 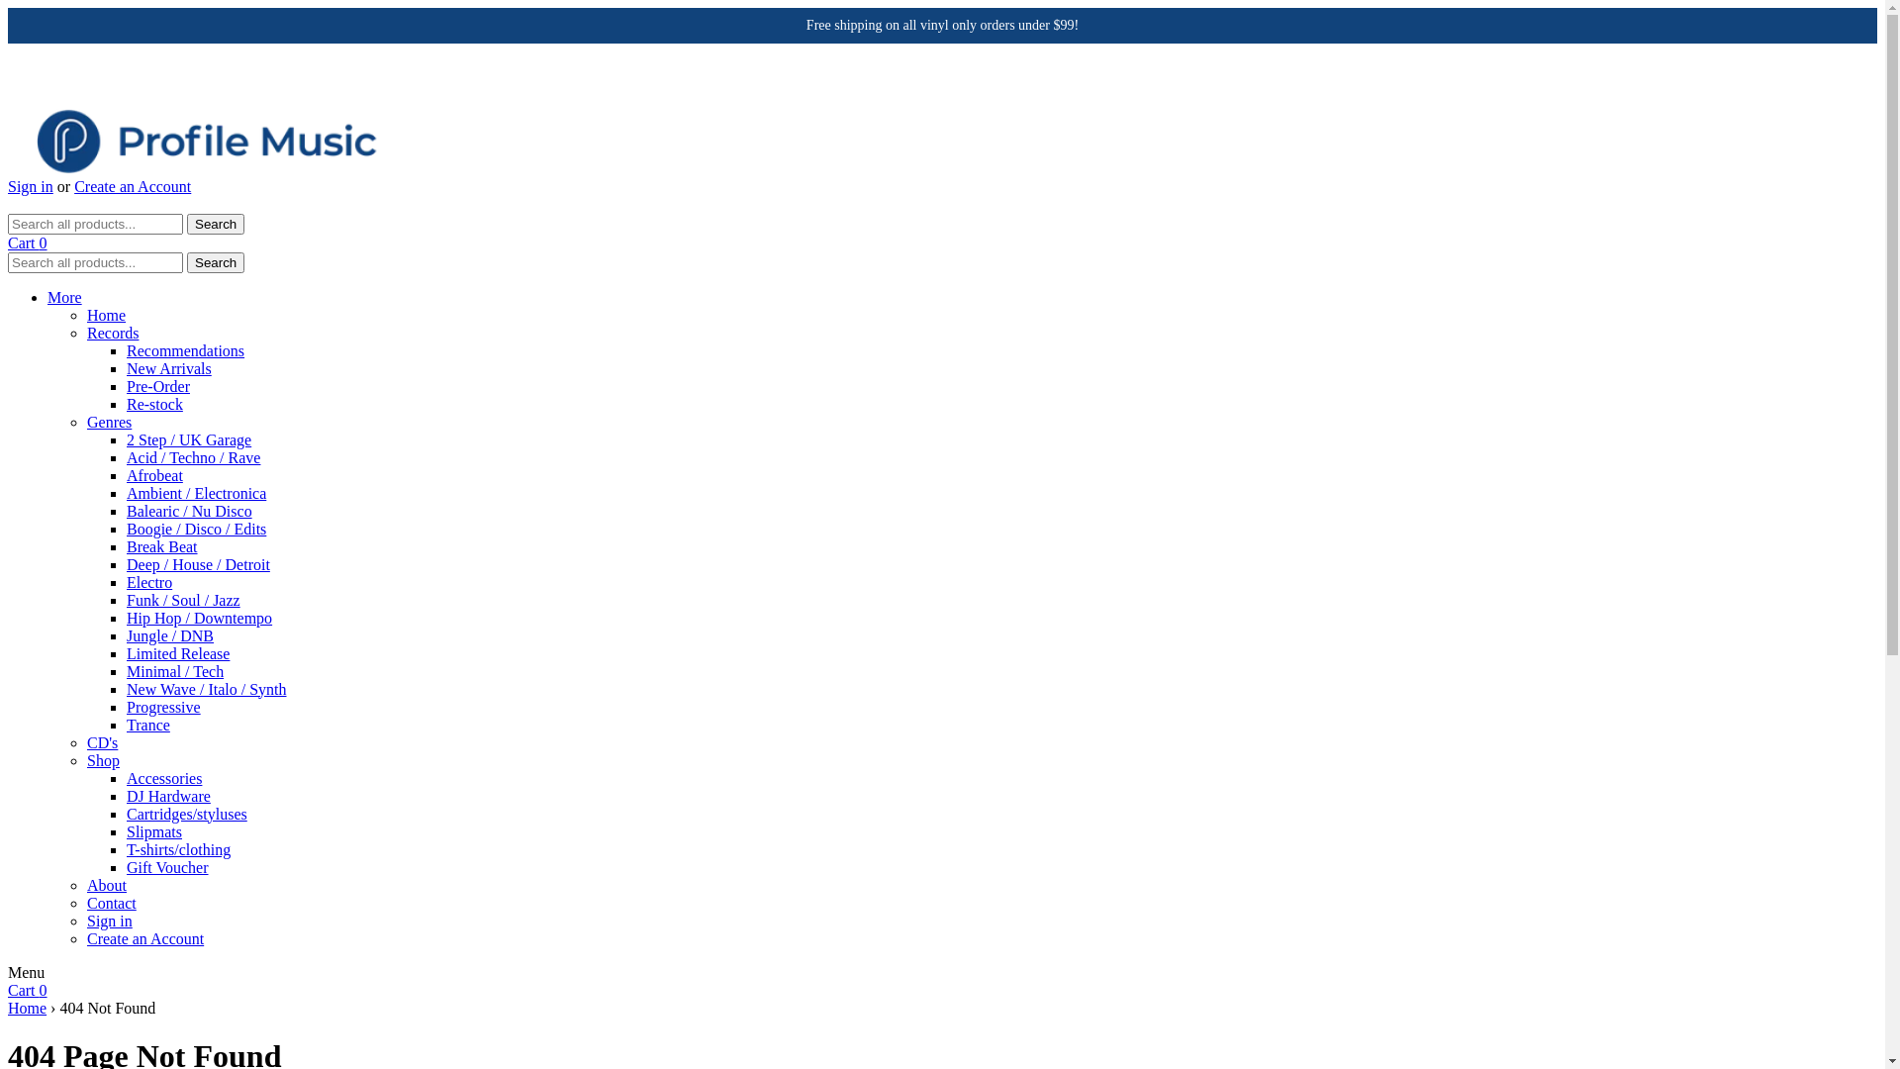 What do you see at coordinates (215, 223) in the screenshot?
I see `'Search'` at bounding box center [215, 223].